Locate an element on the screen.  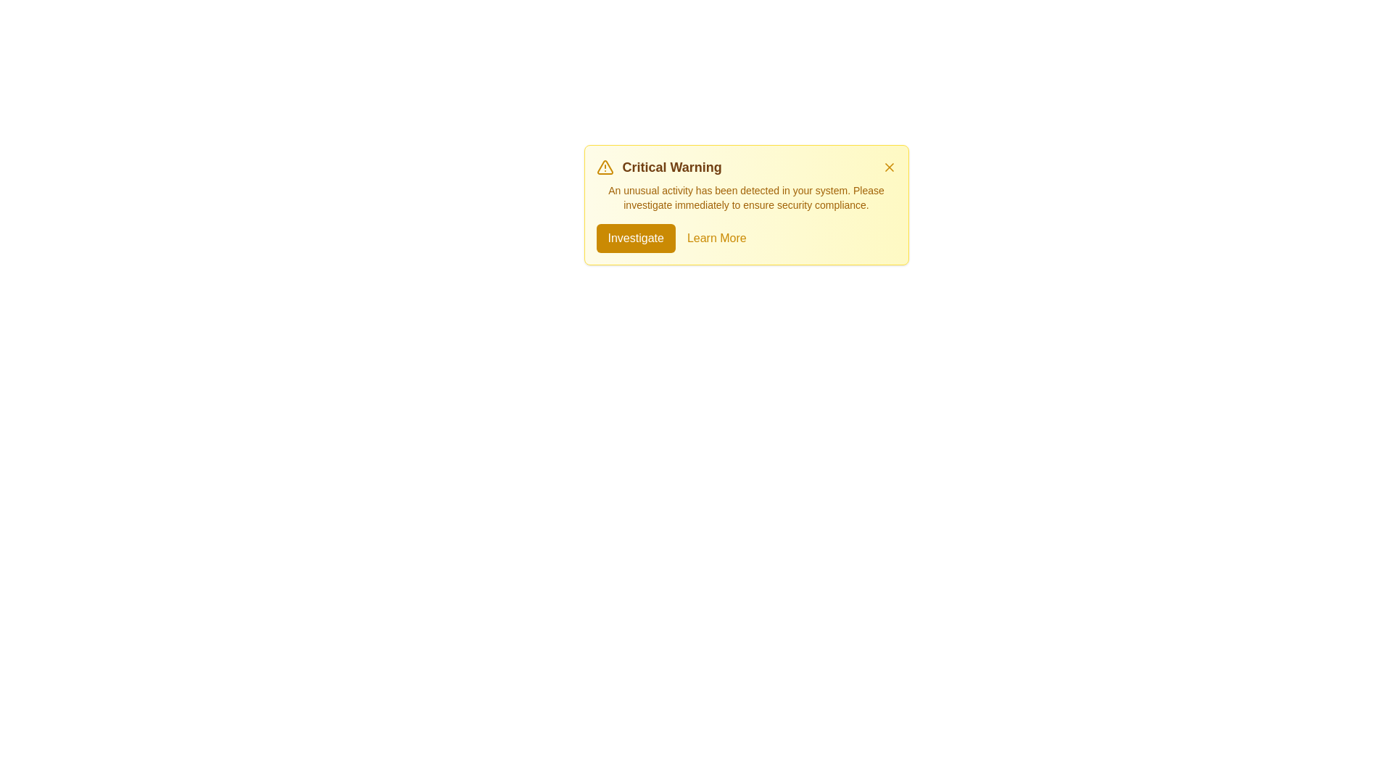
close button in the top-right corner of the alert to dismiss it is located at coordinates (888, 167).